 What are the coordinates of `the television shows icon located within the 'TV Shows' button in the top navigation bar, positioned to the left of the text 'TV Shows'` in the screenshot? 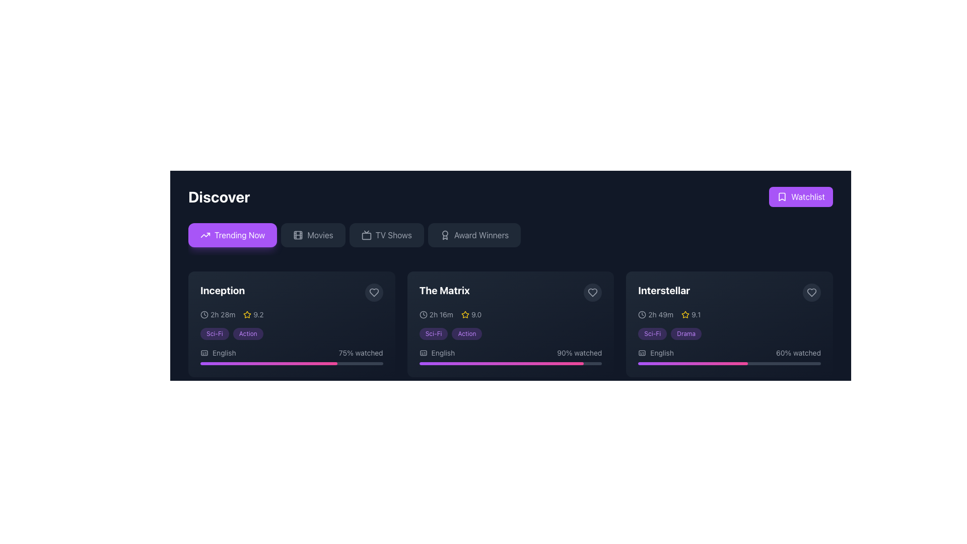 It's located at (366, 235).